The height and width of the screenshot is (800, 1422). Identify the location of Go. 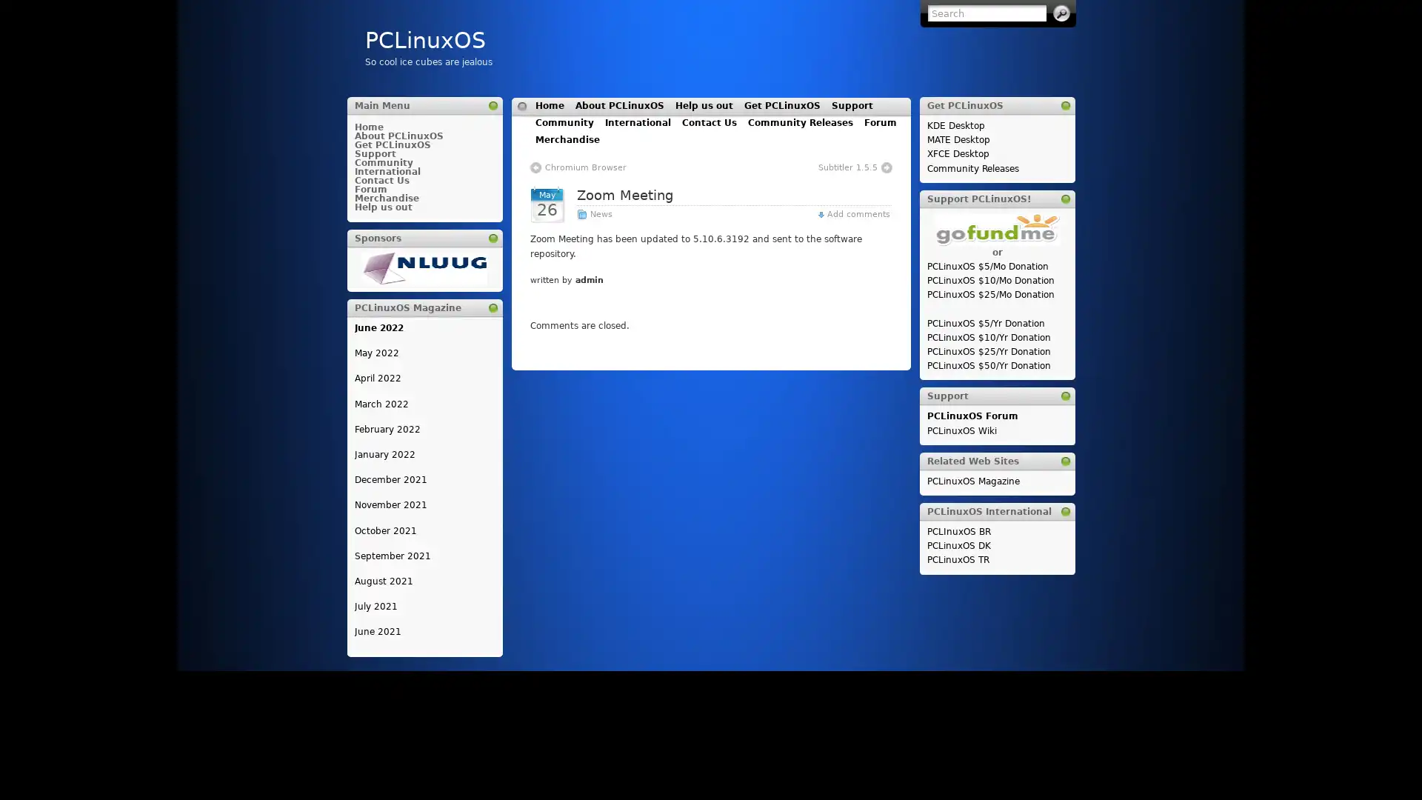
(1061, 13).